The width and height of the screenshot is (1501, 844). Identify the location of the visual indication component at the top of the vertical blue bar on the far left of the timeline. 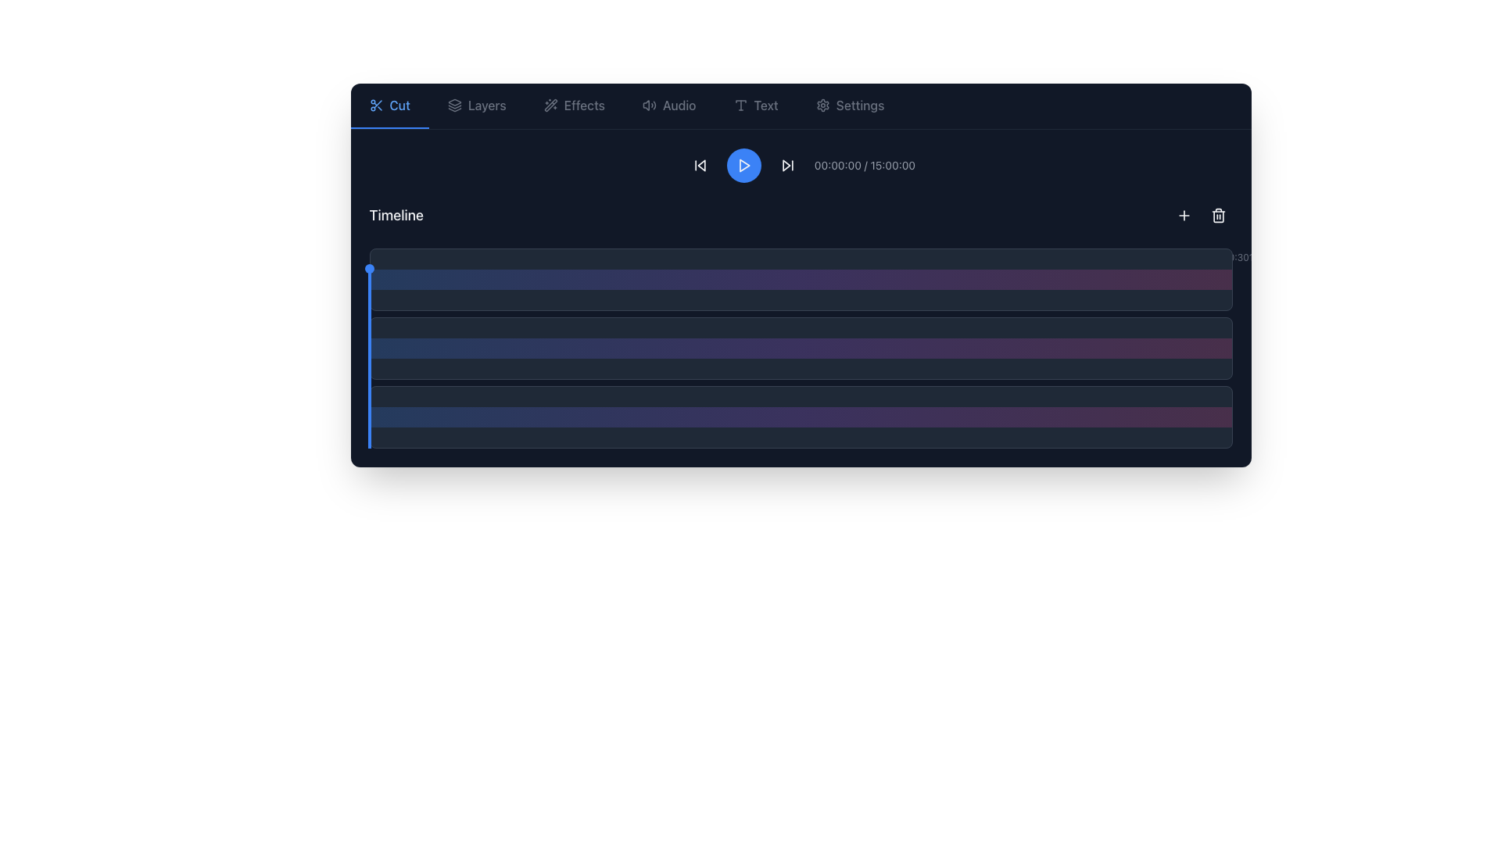
(368, 267).